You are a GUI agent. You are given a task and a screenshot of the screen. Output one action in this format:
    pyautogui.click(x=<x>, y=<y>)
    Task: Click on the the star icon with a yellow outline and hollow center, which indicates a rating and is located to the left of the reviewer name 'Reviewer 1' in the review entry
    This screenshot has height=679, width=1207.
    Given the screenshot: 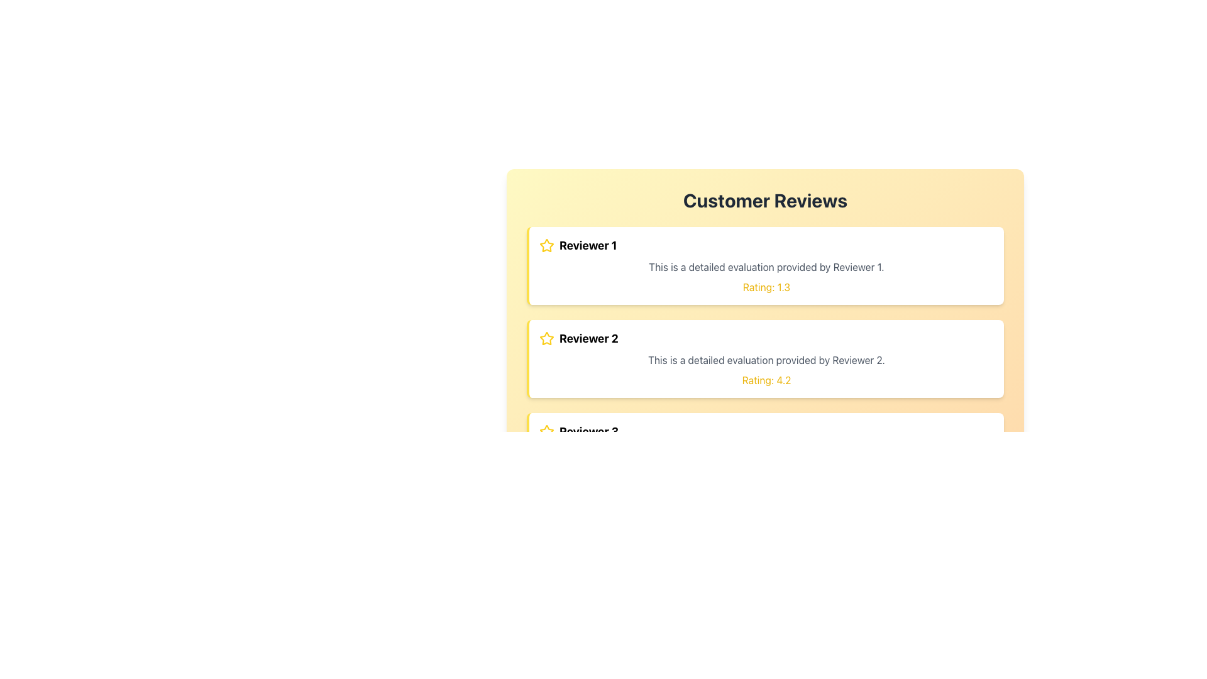 What is the action you would take?
    pyautogui.click(x=546, y=245)
    